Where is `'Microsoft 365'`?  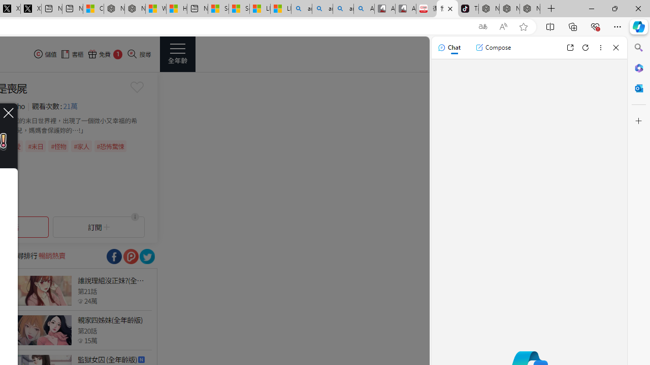 'Microsoft 365' is located at coordinates (638, 67).